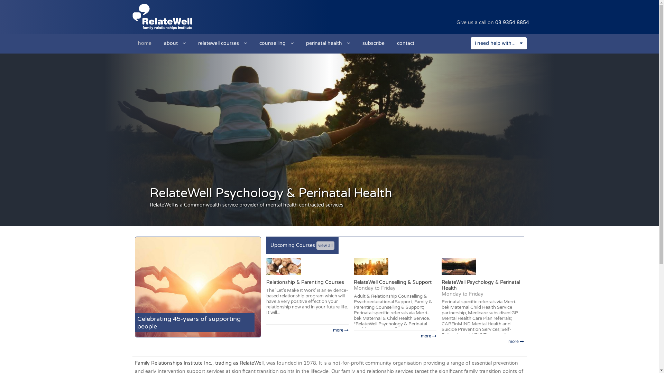 The image size is (664, 373). I want to click on 'contact', so click(405, 43).